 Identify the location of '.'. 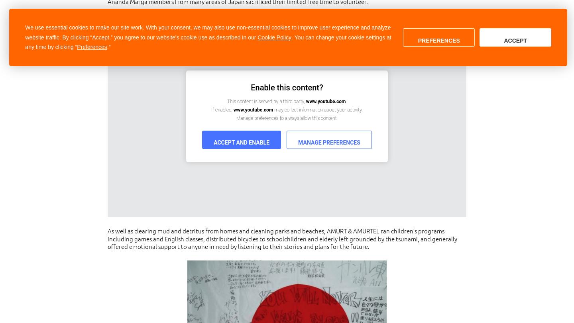
(346, 102).